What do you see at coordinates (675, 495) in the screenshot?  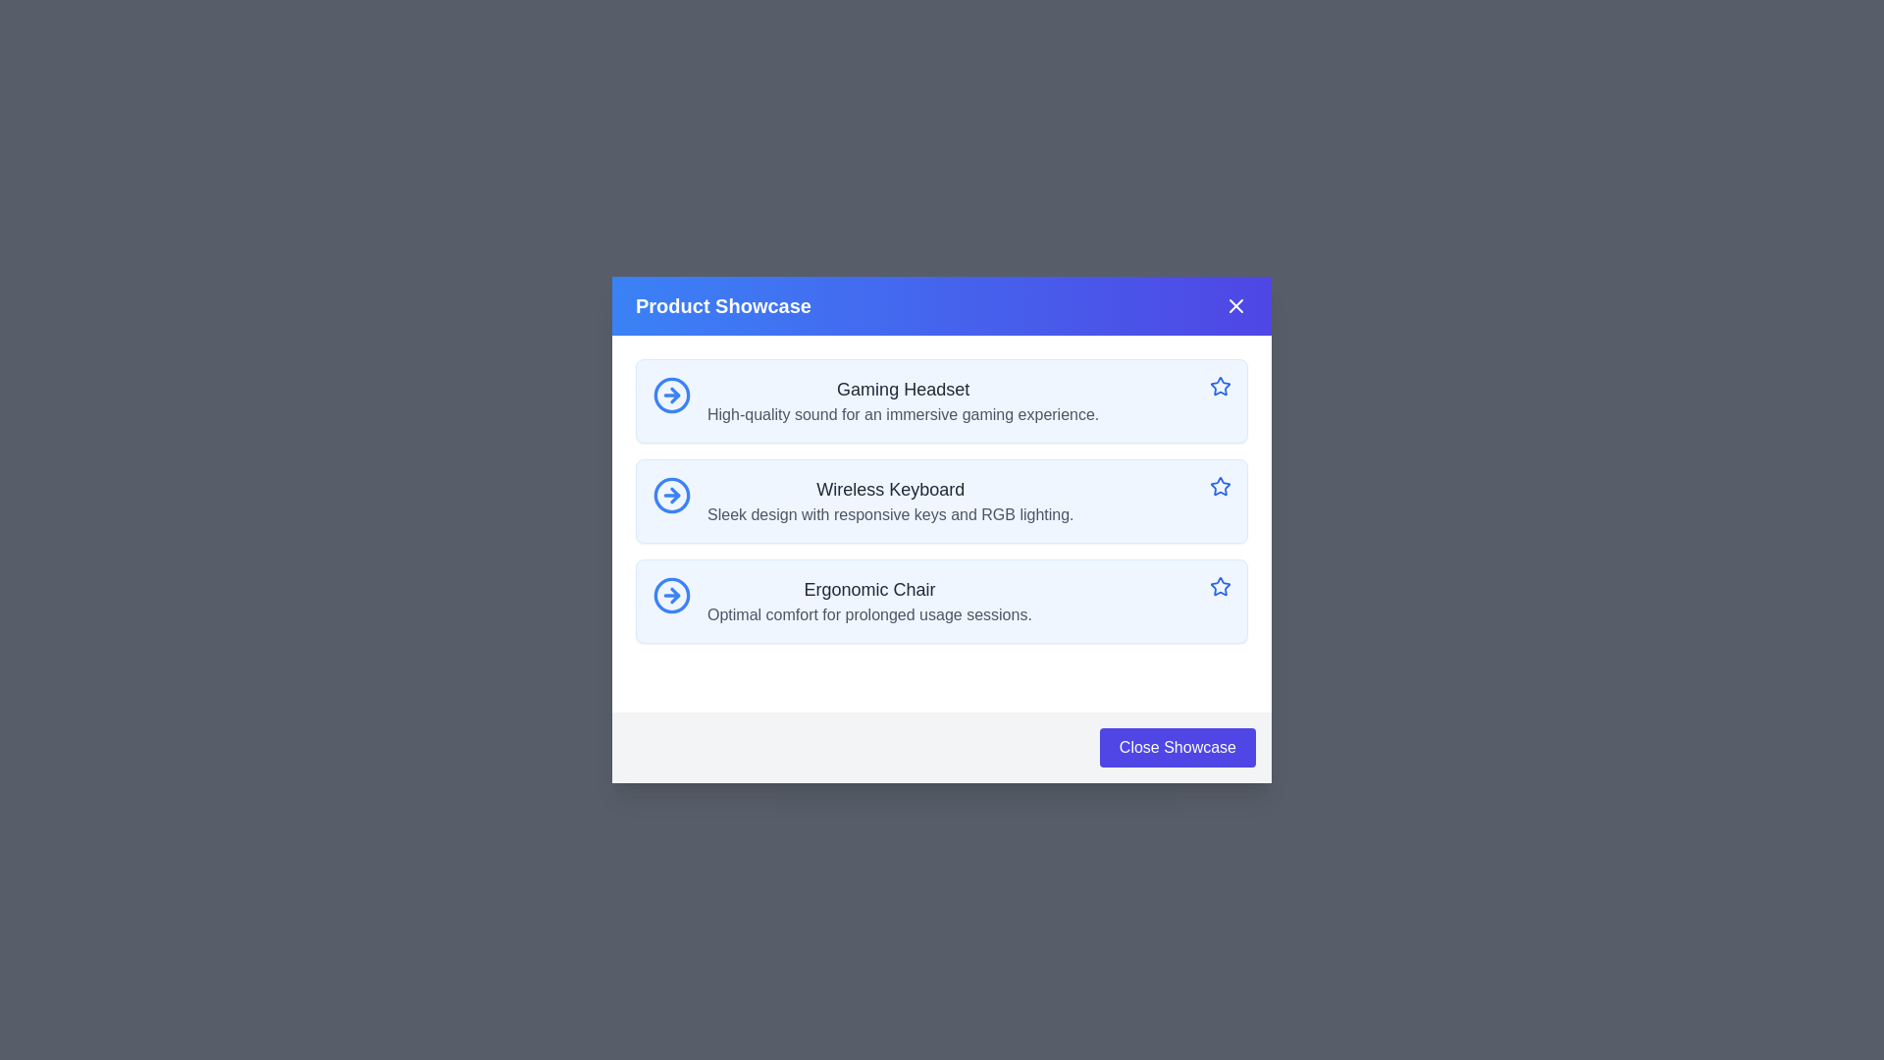 I see `the graphical arrow symbol pointing to the right, part of the circle-arrow-right icon located inside the second item of the product showcase next to 'Wireless Keyboard'` at bounding box center [675, 495].